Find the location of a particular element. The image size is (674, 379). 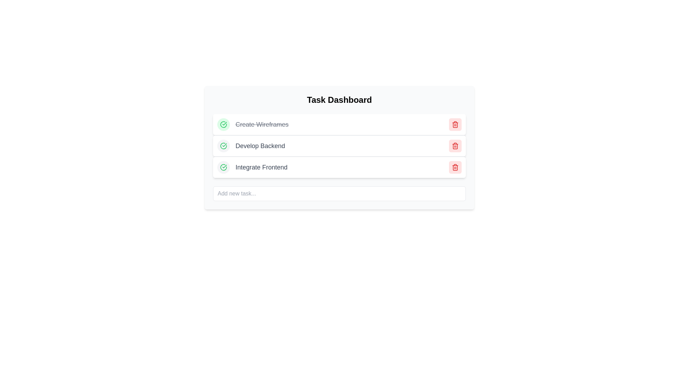

the label that identifies the task 'Develop Backend' in the task dashboard interface, which is the second item in the list of tasks is located at coordinates (251, 146).